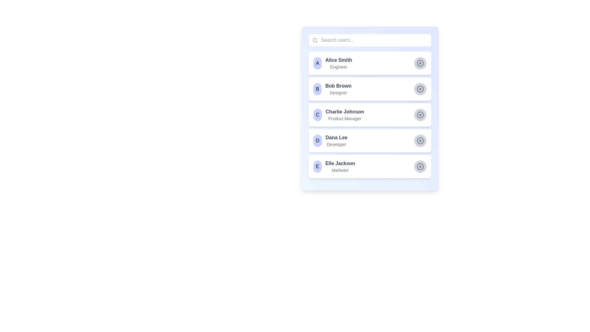 The height and width of the screenshot is (332, 590). What do you see at coordinates (317, 63) in the screenshot?
I see `the circular badge representing the user avatar for 'Alice Smith' located at the top of the vertical list` at bounding box center [317, 63].